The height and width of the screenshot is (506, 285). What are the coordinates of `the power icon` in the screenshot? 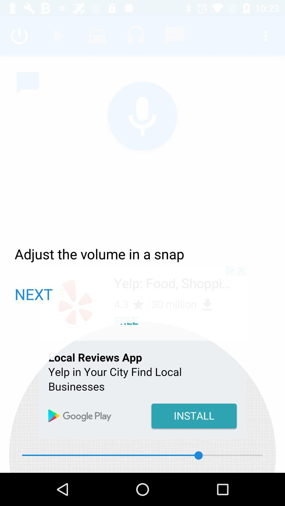 It's located at (19, 36).